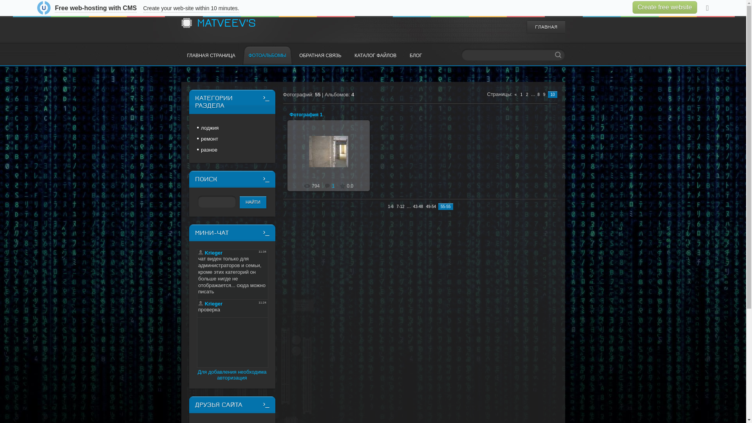  What do you see at coordinates (387, 206) in the screenshot?
I see `'1-6'` at bounding box center [387, 206].